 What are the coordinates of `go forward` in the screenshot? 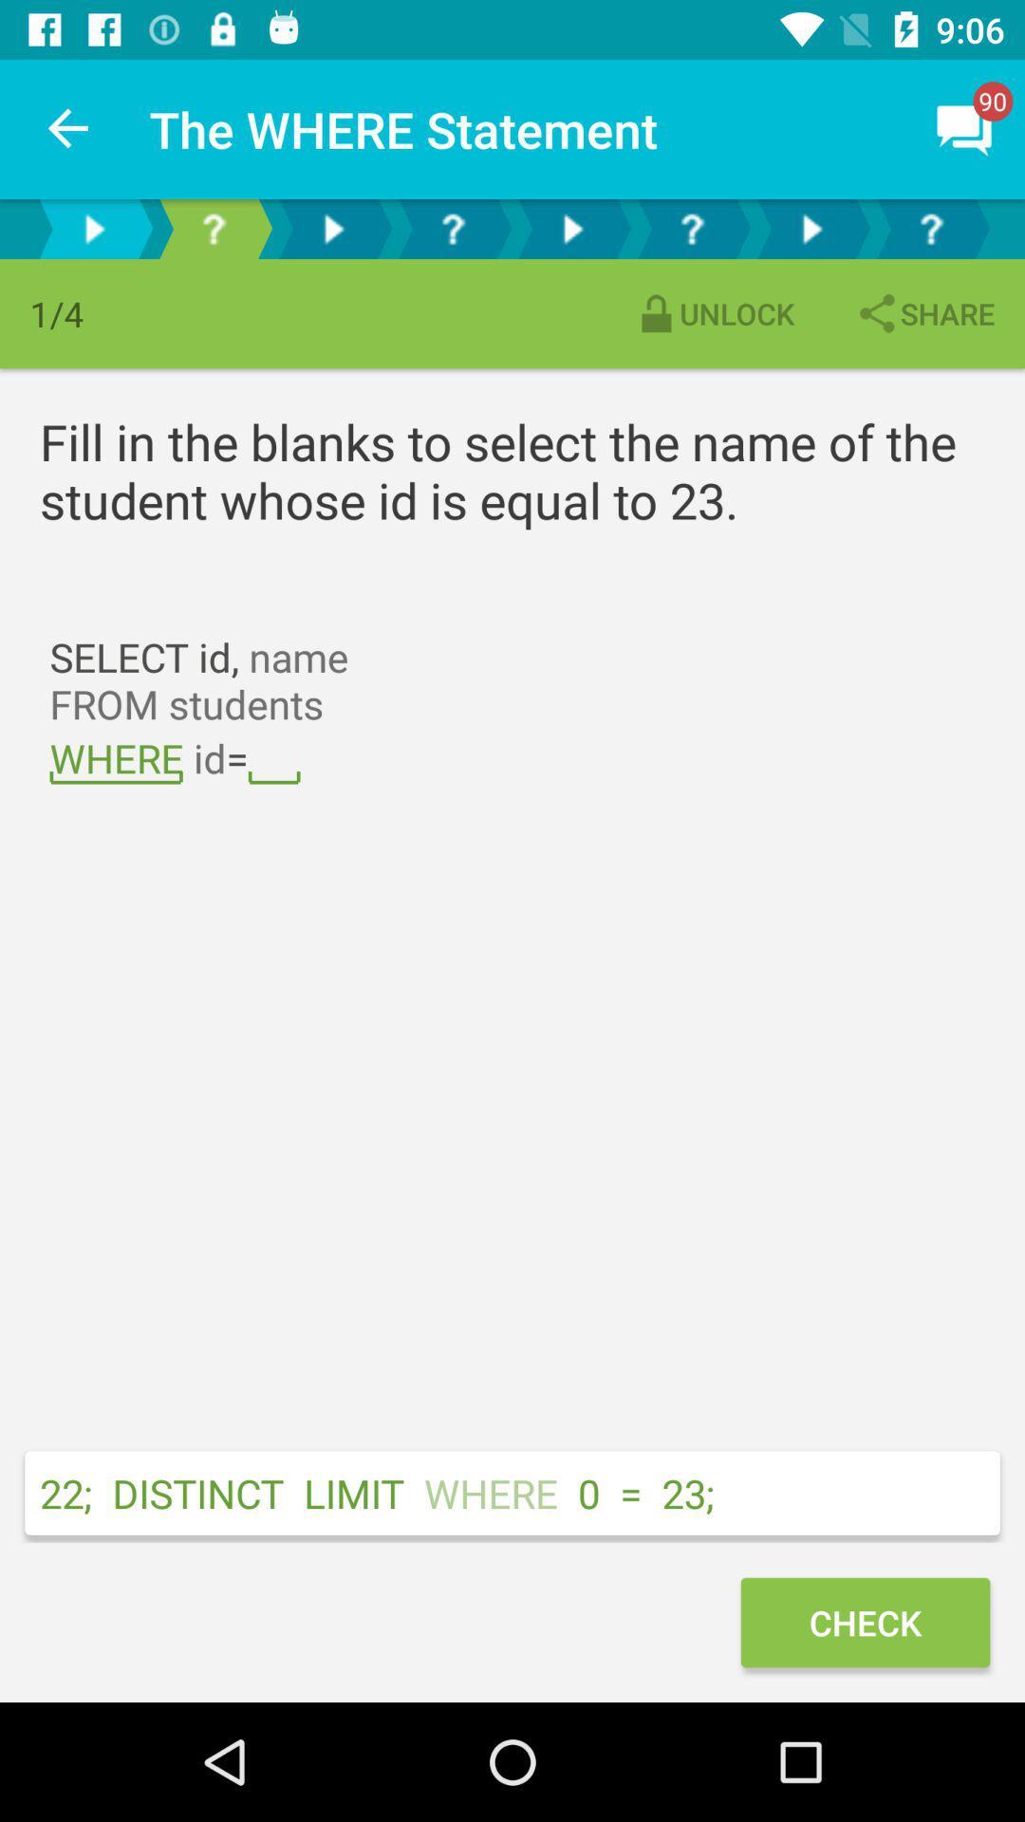 It's located at (811, 228).